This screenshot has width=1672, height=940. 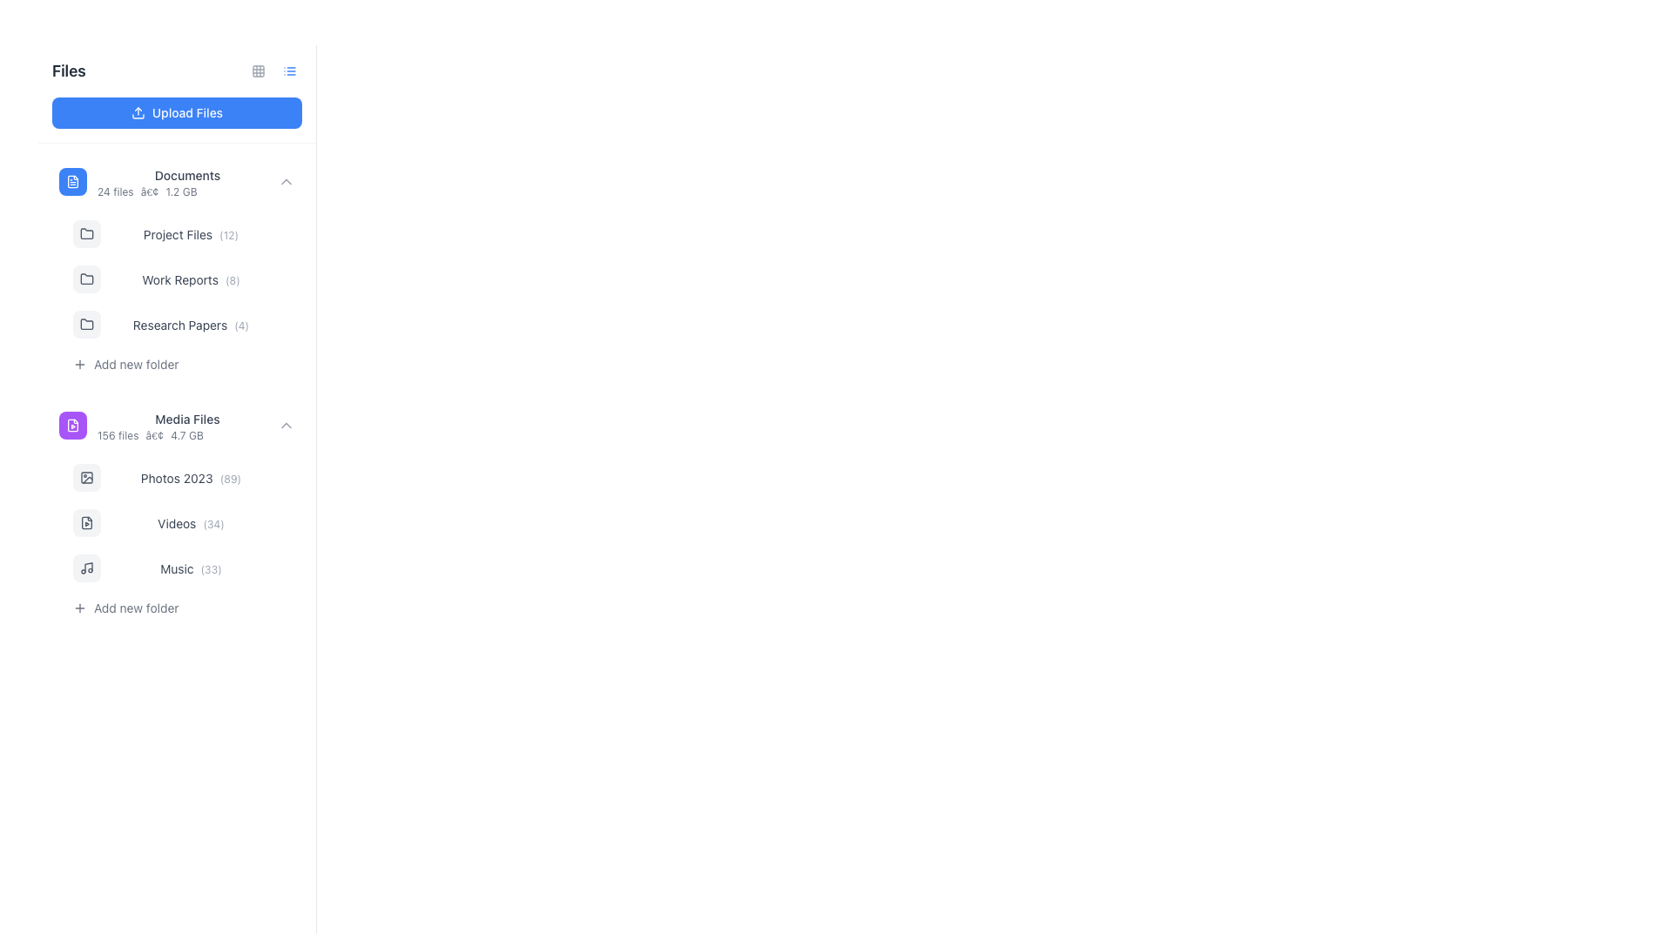 I want to click on the graphical icon representing the 'Media Files' category located in the left sidebar, positioned near the top-left corner of the list, just before the text 'Media Files', so click(x=71, y=426).